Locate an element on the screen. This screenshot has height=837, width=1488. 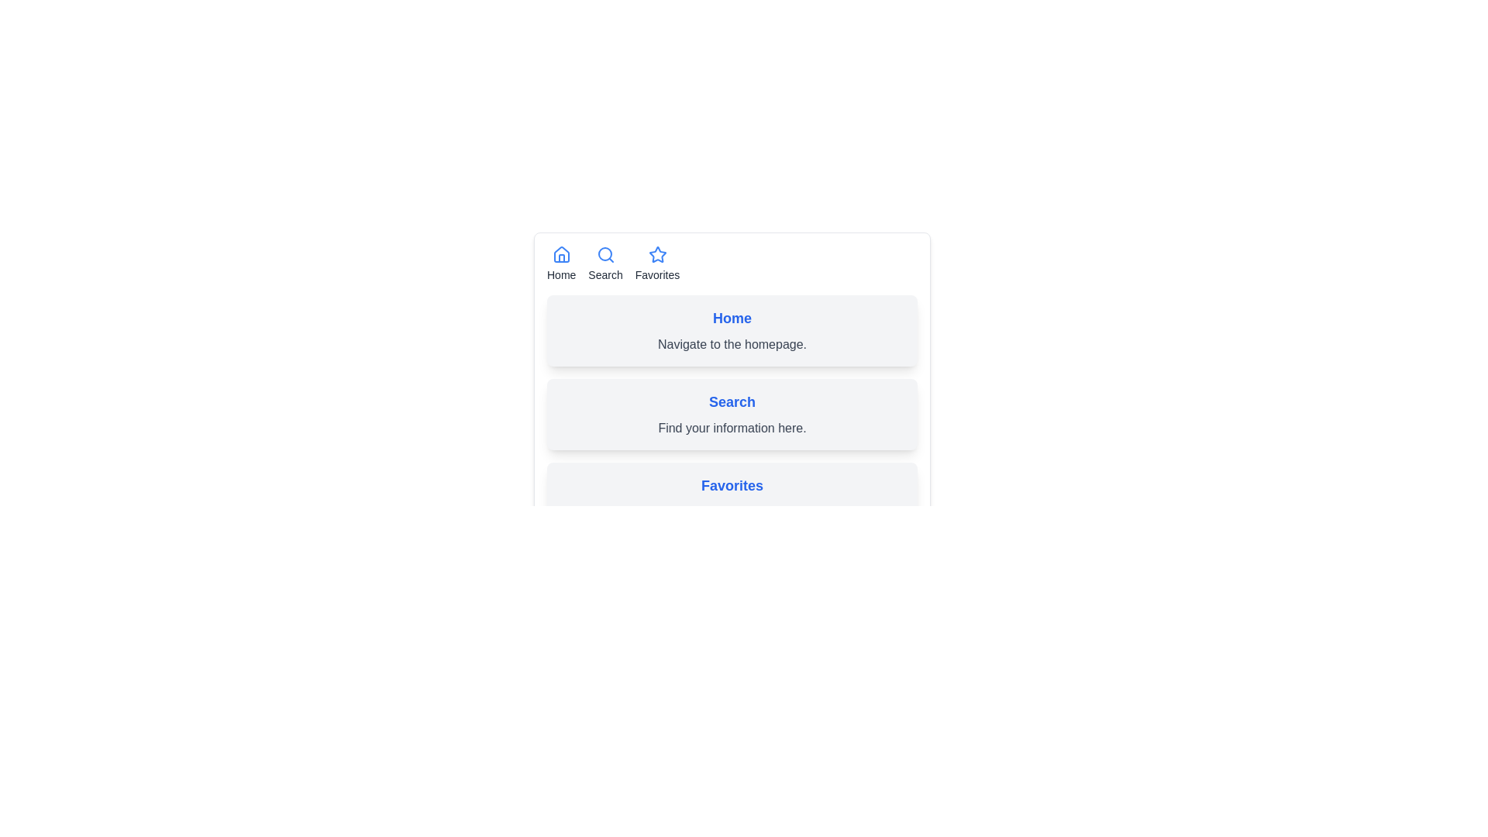
the blue house icon representing the 'Home' navigation option, located above the 'Home' text in the horizontal toolbar at the top of the interface is located at coordinates (560, 253).